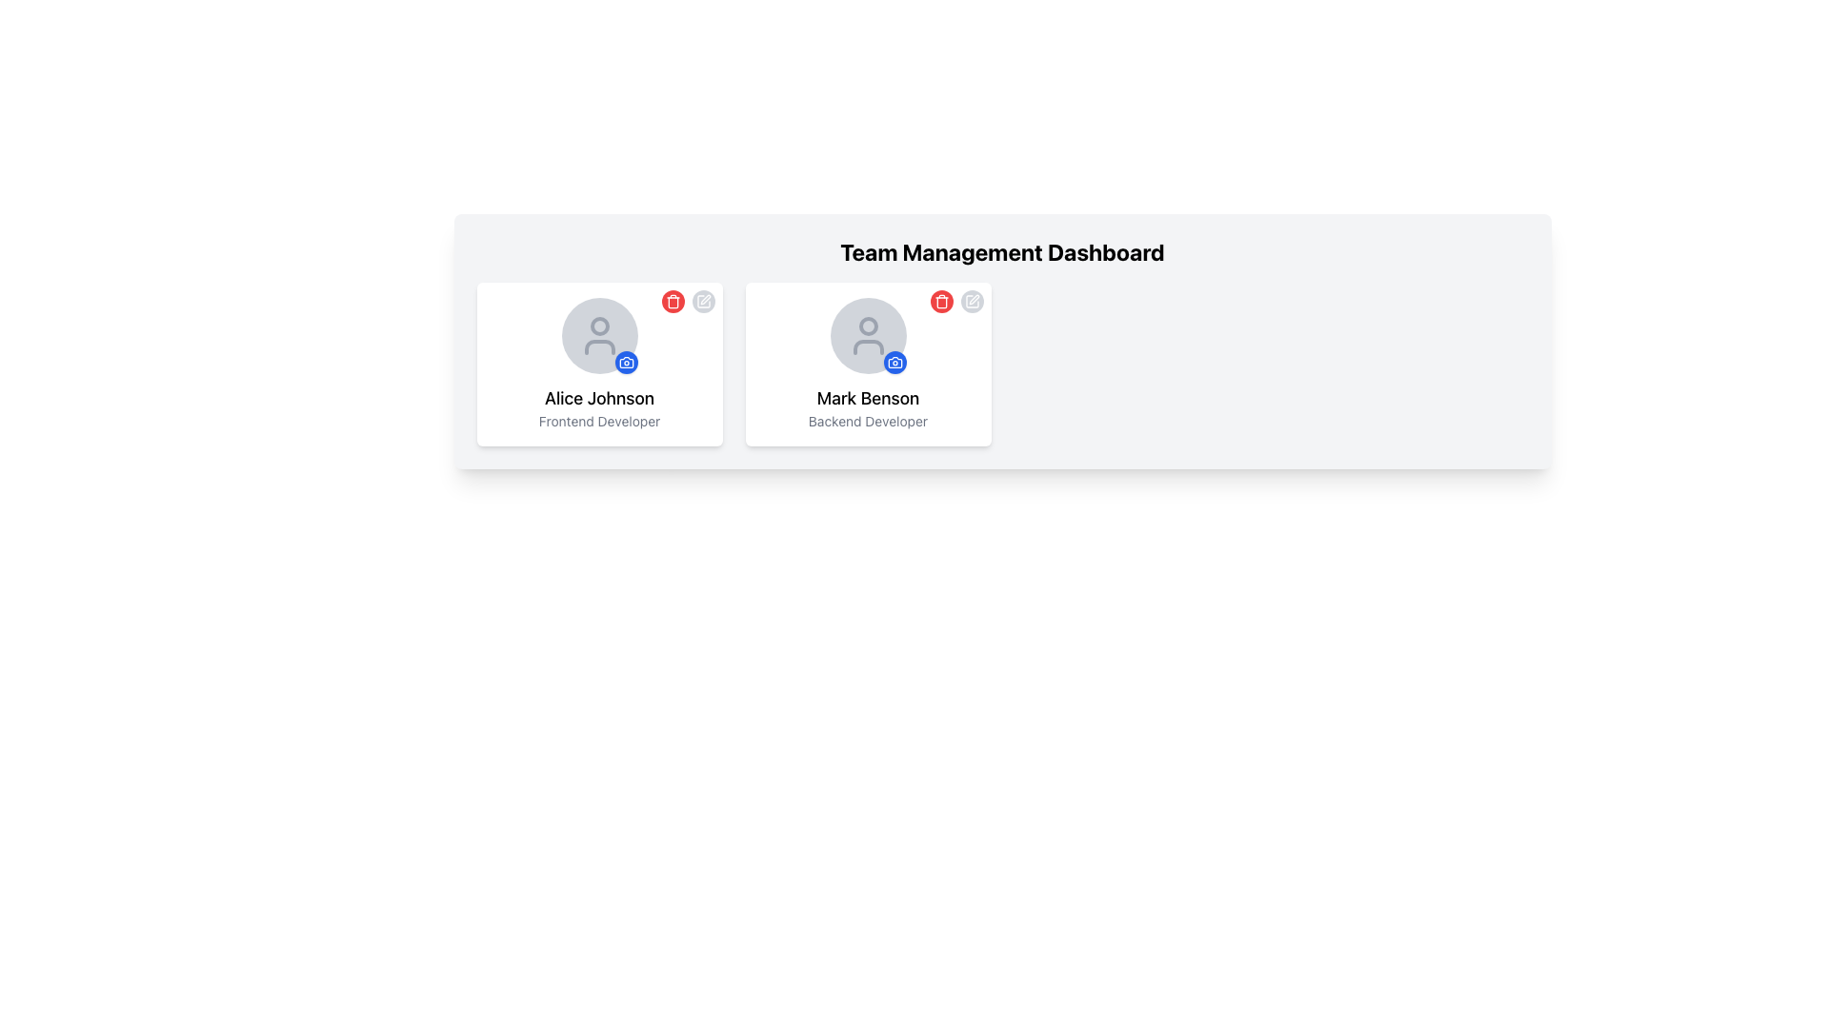 The width and height of the screenshot is (1829, 1028). I want to click on the delete button with a trash can icon located in the top-right corner of Mark Benson's user card, so click(941, 300).